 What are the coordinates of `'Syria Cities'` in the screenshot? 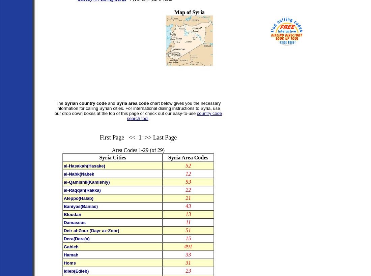 It's located at (112, 157).